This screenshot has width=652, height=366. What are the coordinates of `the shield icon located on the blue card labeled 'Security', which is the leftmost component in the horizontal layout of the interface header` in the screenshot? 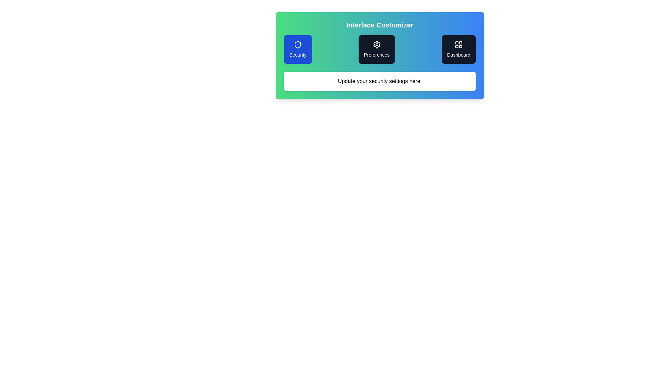 It's located at (298, 44).